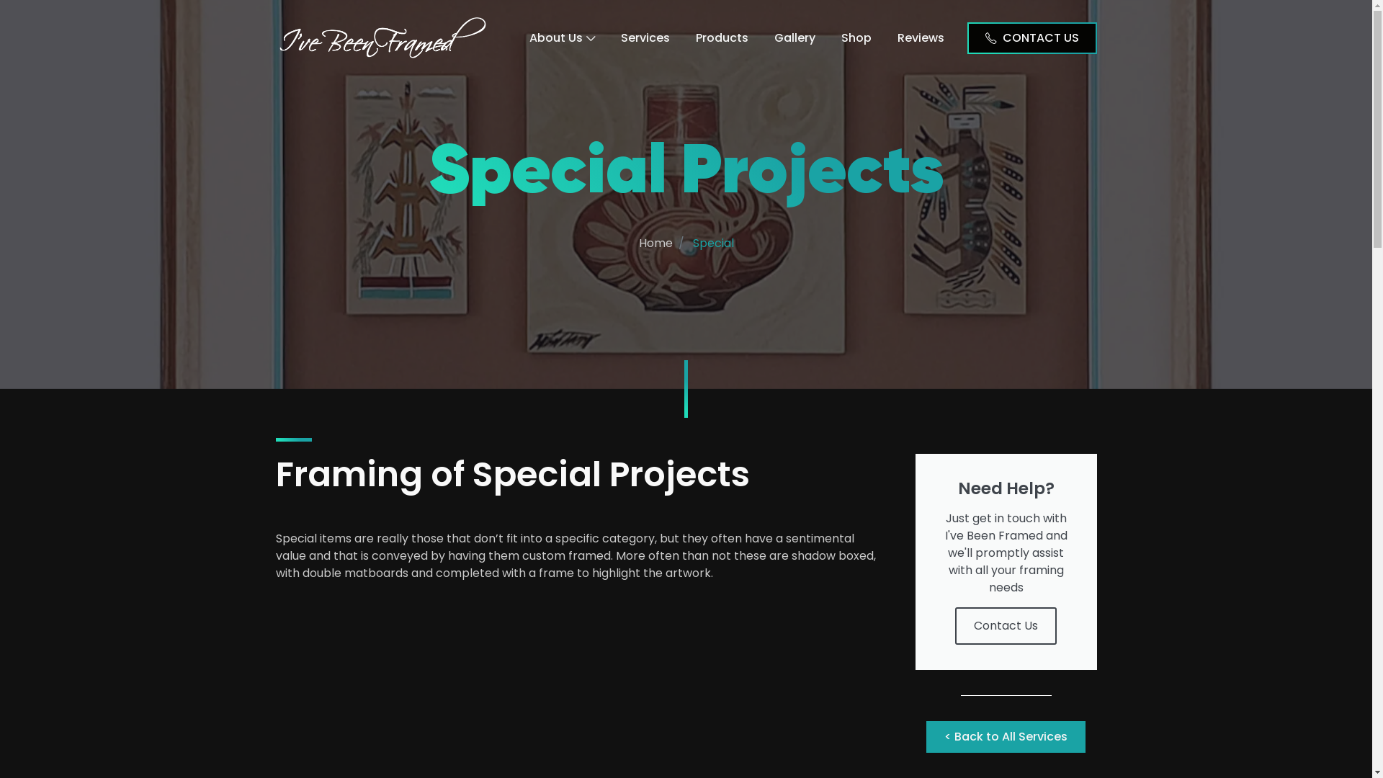  Describe the element at coordinates (1030, 36) in the screenshot. I see `'CONTACT US'` at that location.